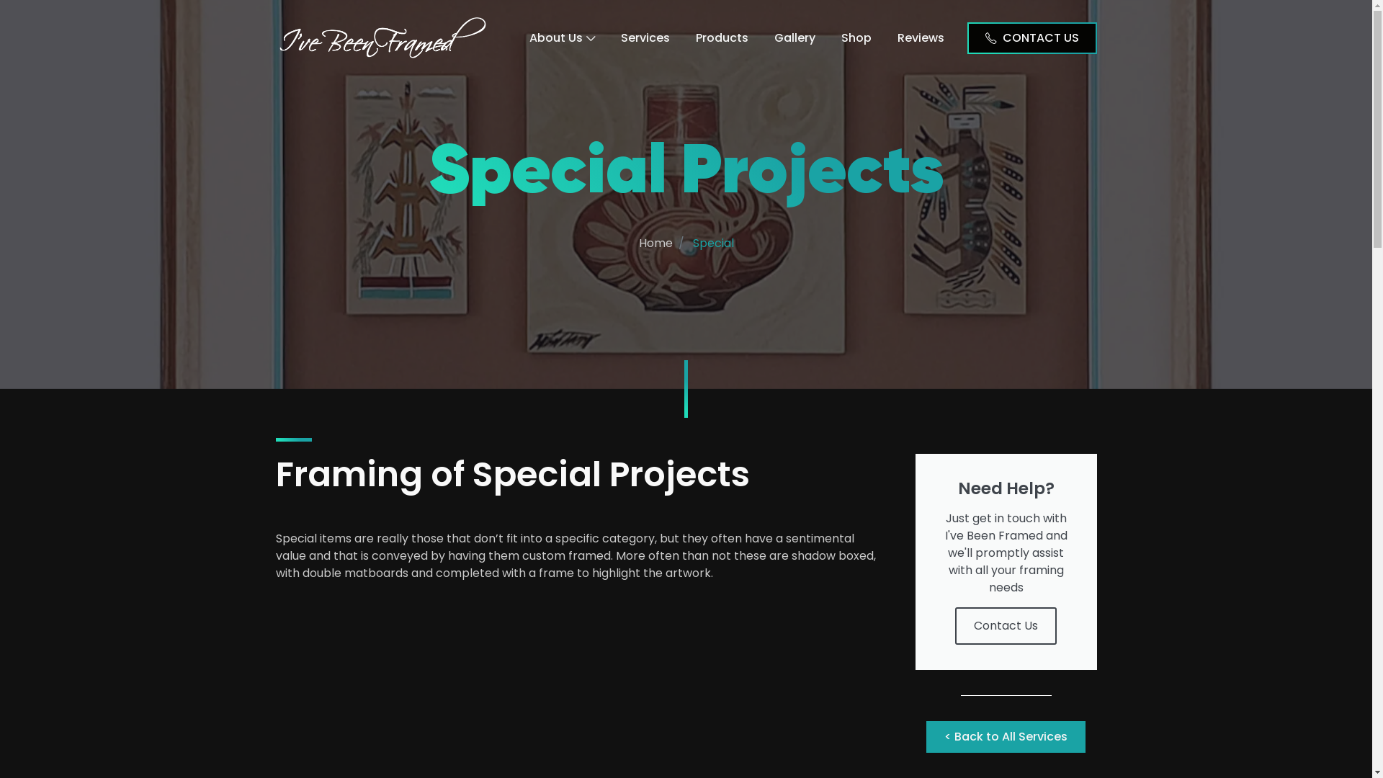  Describe the element at coordinates (1030, 36) in the screenshot. I see `'CONTACT US'` at that location.